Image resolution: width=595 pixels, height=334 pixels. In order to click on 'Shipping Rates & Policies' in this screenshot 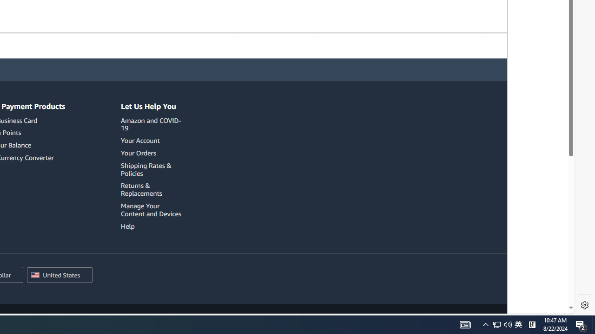, I will do `click(152, 169)`.